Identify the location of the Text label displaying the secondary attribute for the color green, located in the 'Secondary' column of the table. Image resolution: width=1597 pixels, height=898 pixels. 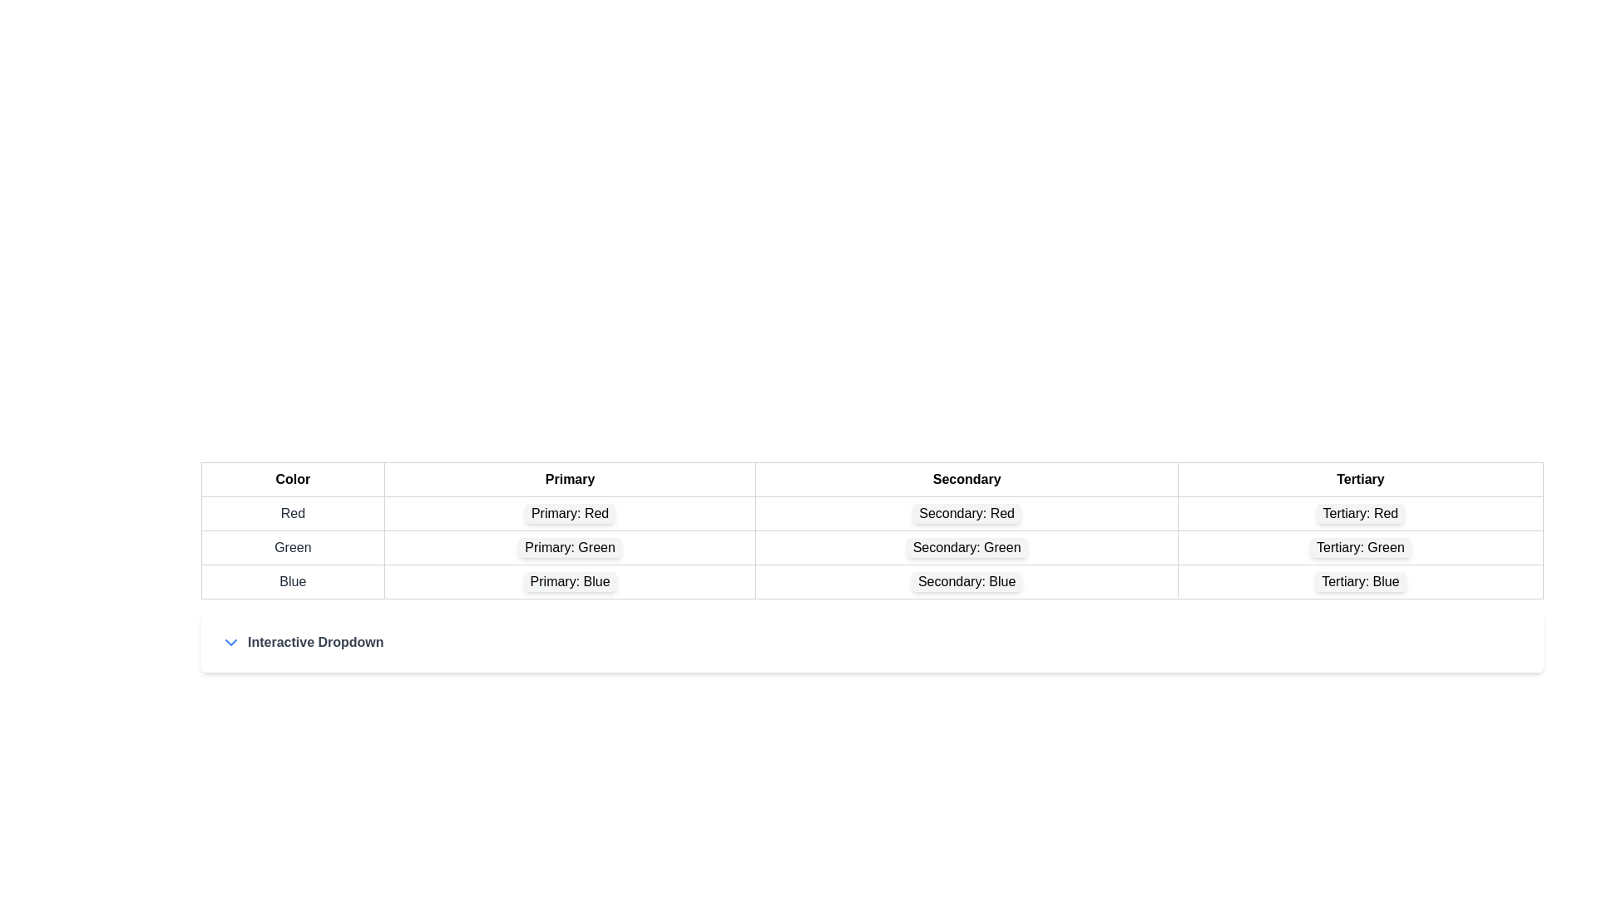
(872, 548).